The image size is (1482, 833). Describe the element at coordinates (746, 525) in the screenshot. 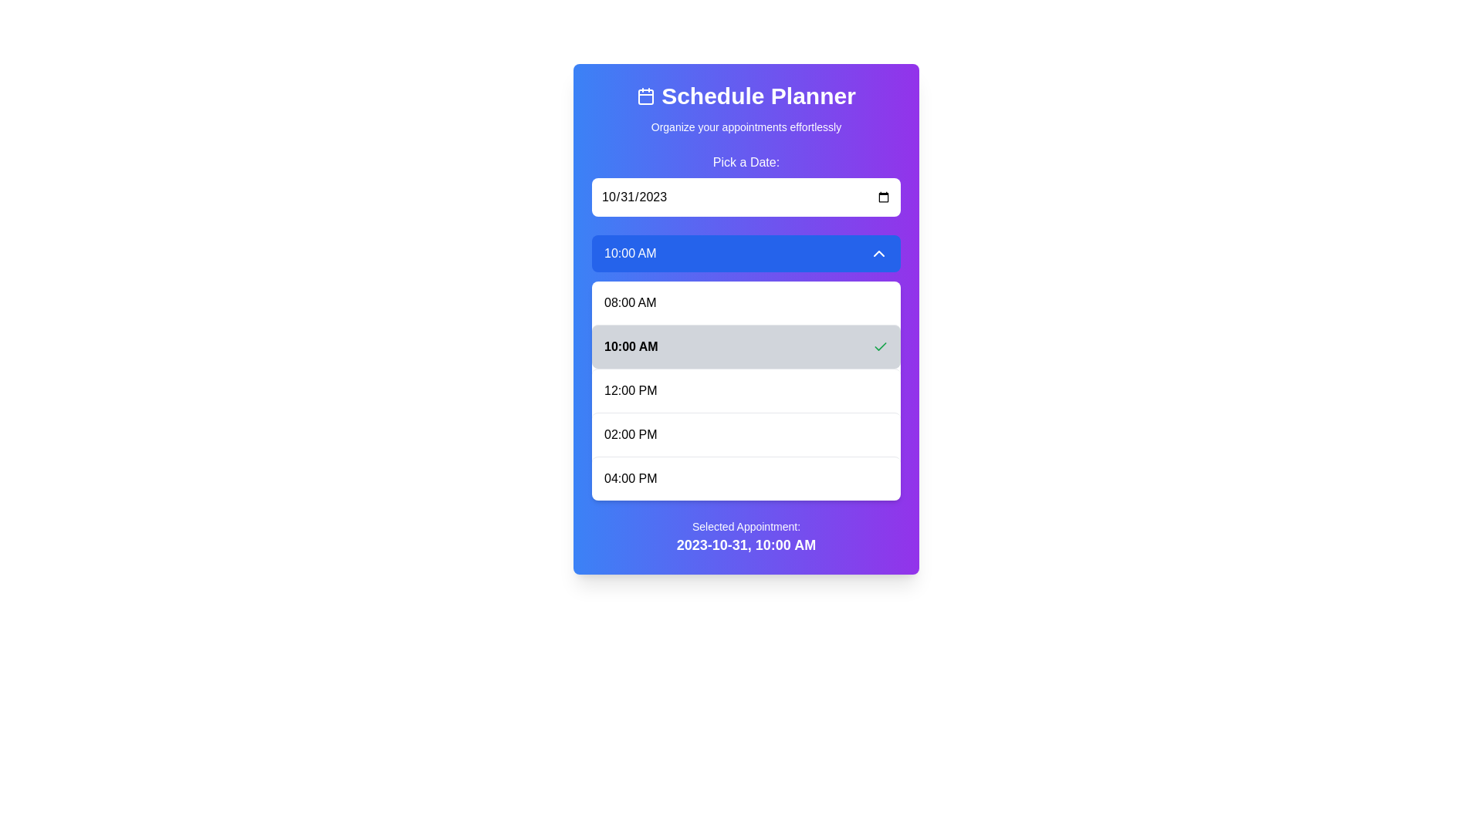

I see `the text label that describes the selected appointment details, which is positioned above the bold text showing the appointment date and time` at that location.